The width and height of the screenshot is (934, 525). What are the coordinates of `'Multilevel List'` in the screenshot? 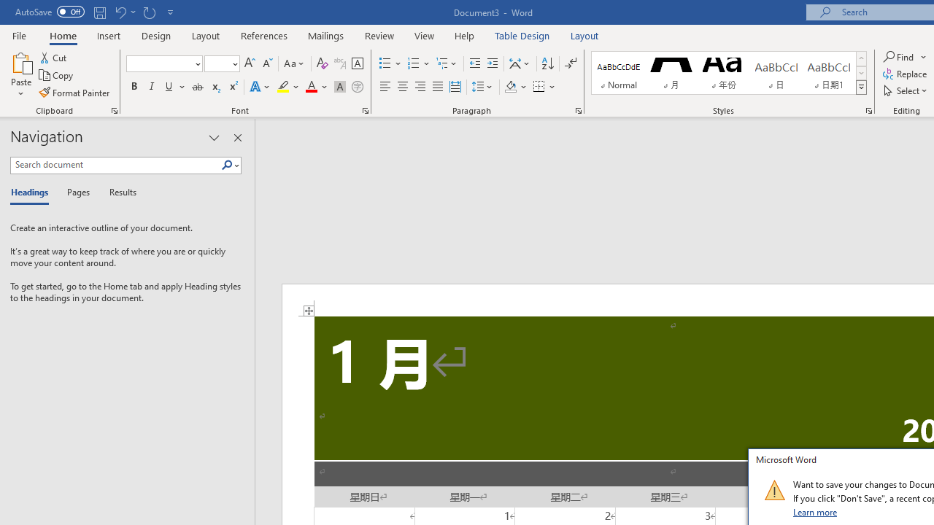 It's located at (447, 63).